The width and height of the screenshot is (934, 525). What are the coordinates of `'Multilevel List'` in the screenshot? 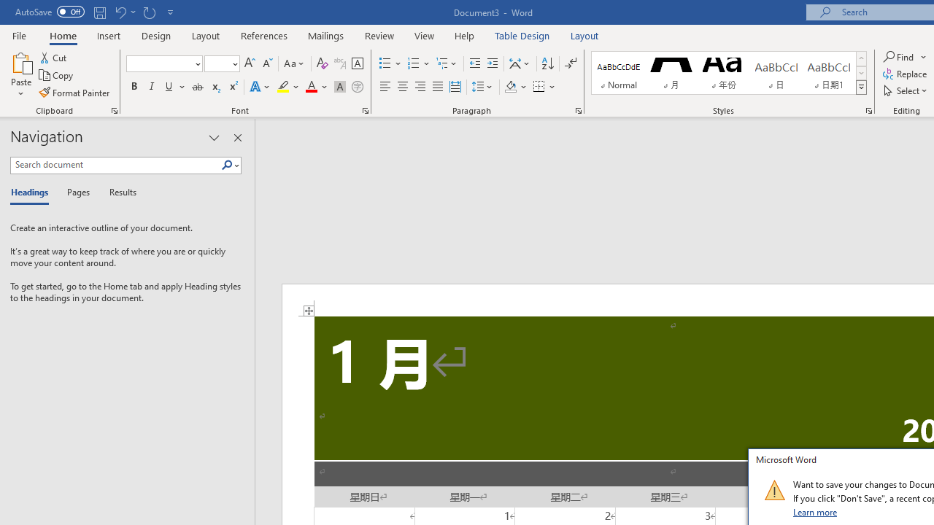 It's located at (447, 63).